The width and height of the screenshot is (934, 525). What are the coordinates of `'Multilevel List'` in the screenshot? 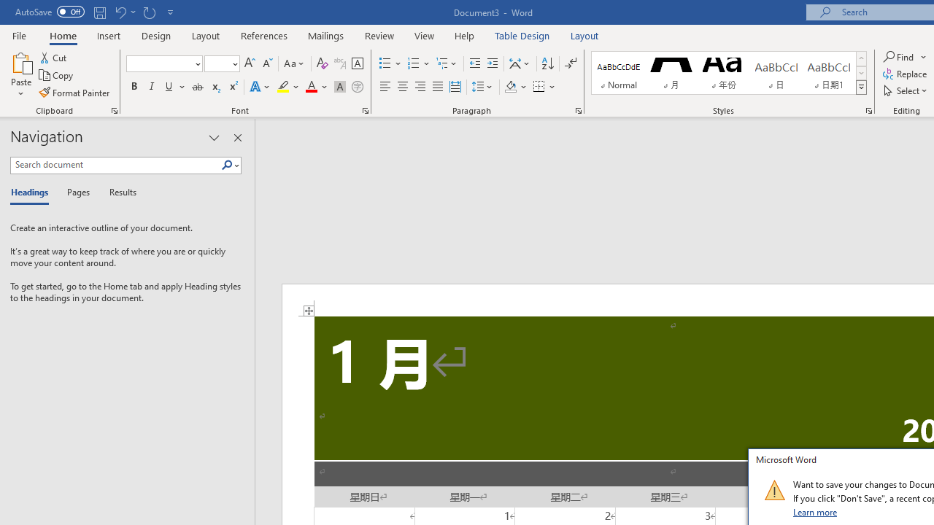 It's located at (447, 63).